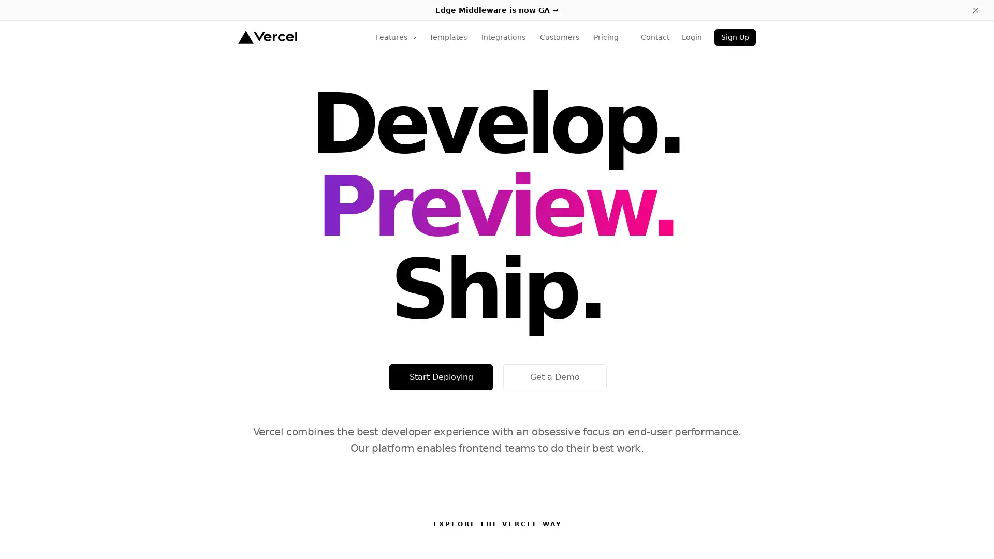  I want to click on Features, so click(396, 37).